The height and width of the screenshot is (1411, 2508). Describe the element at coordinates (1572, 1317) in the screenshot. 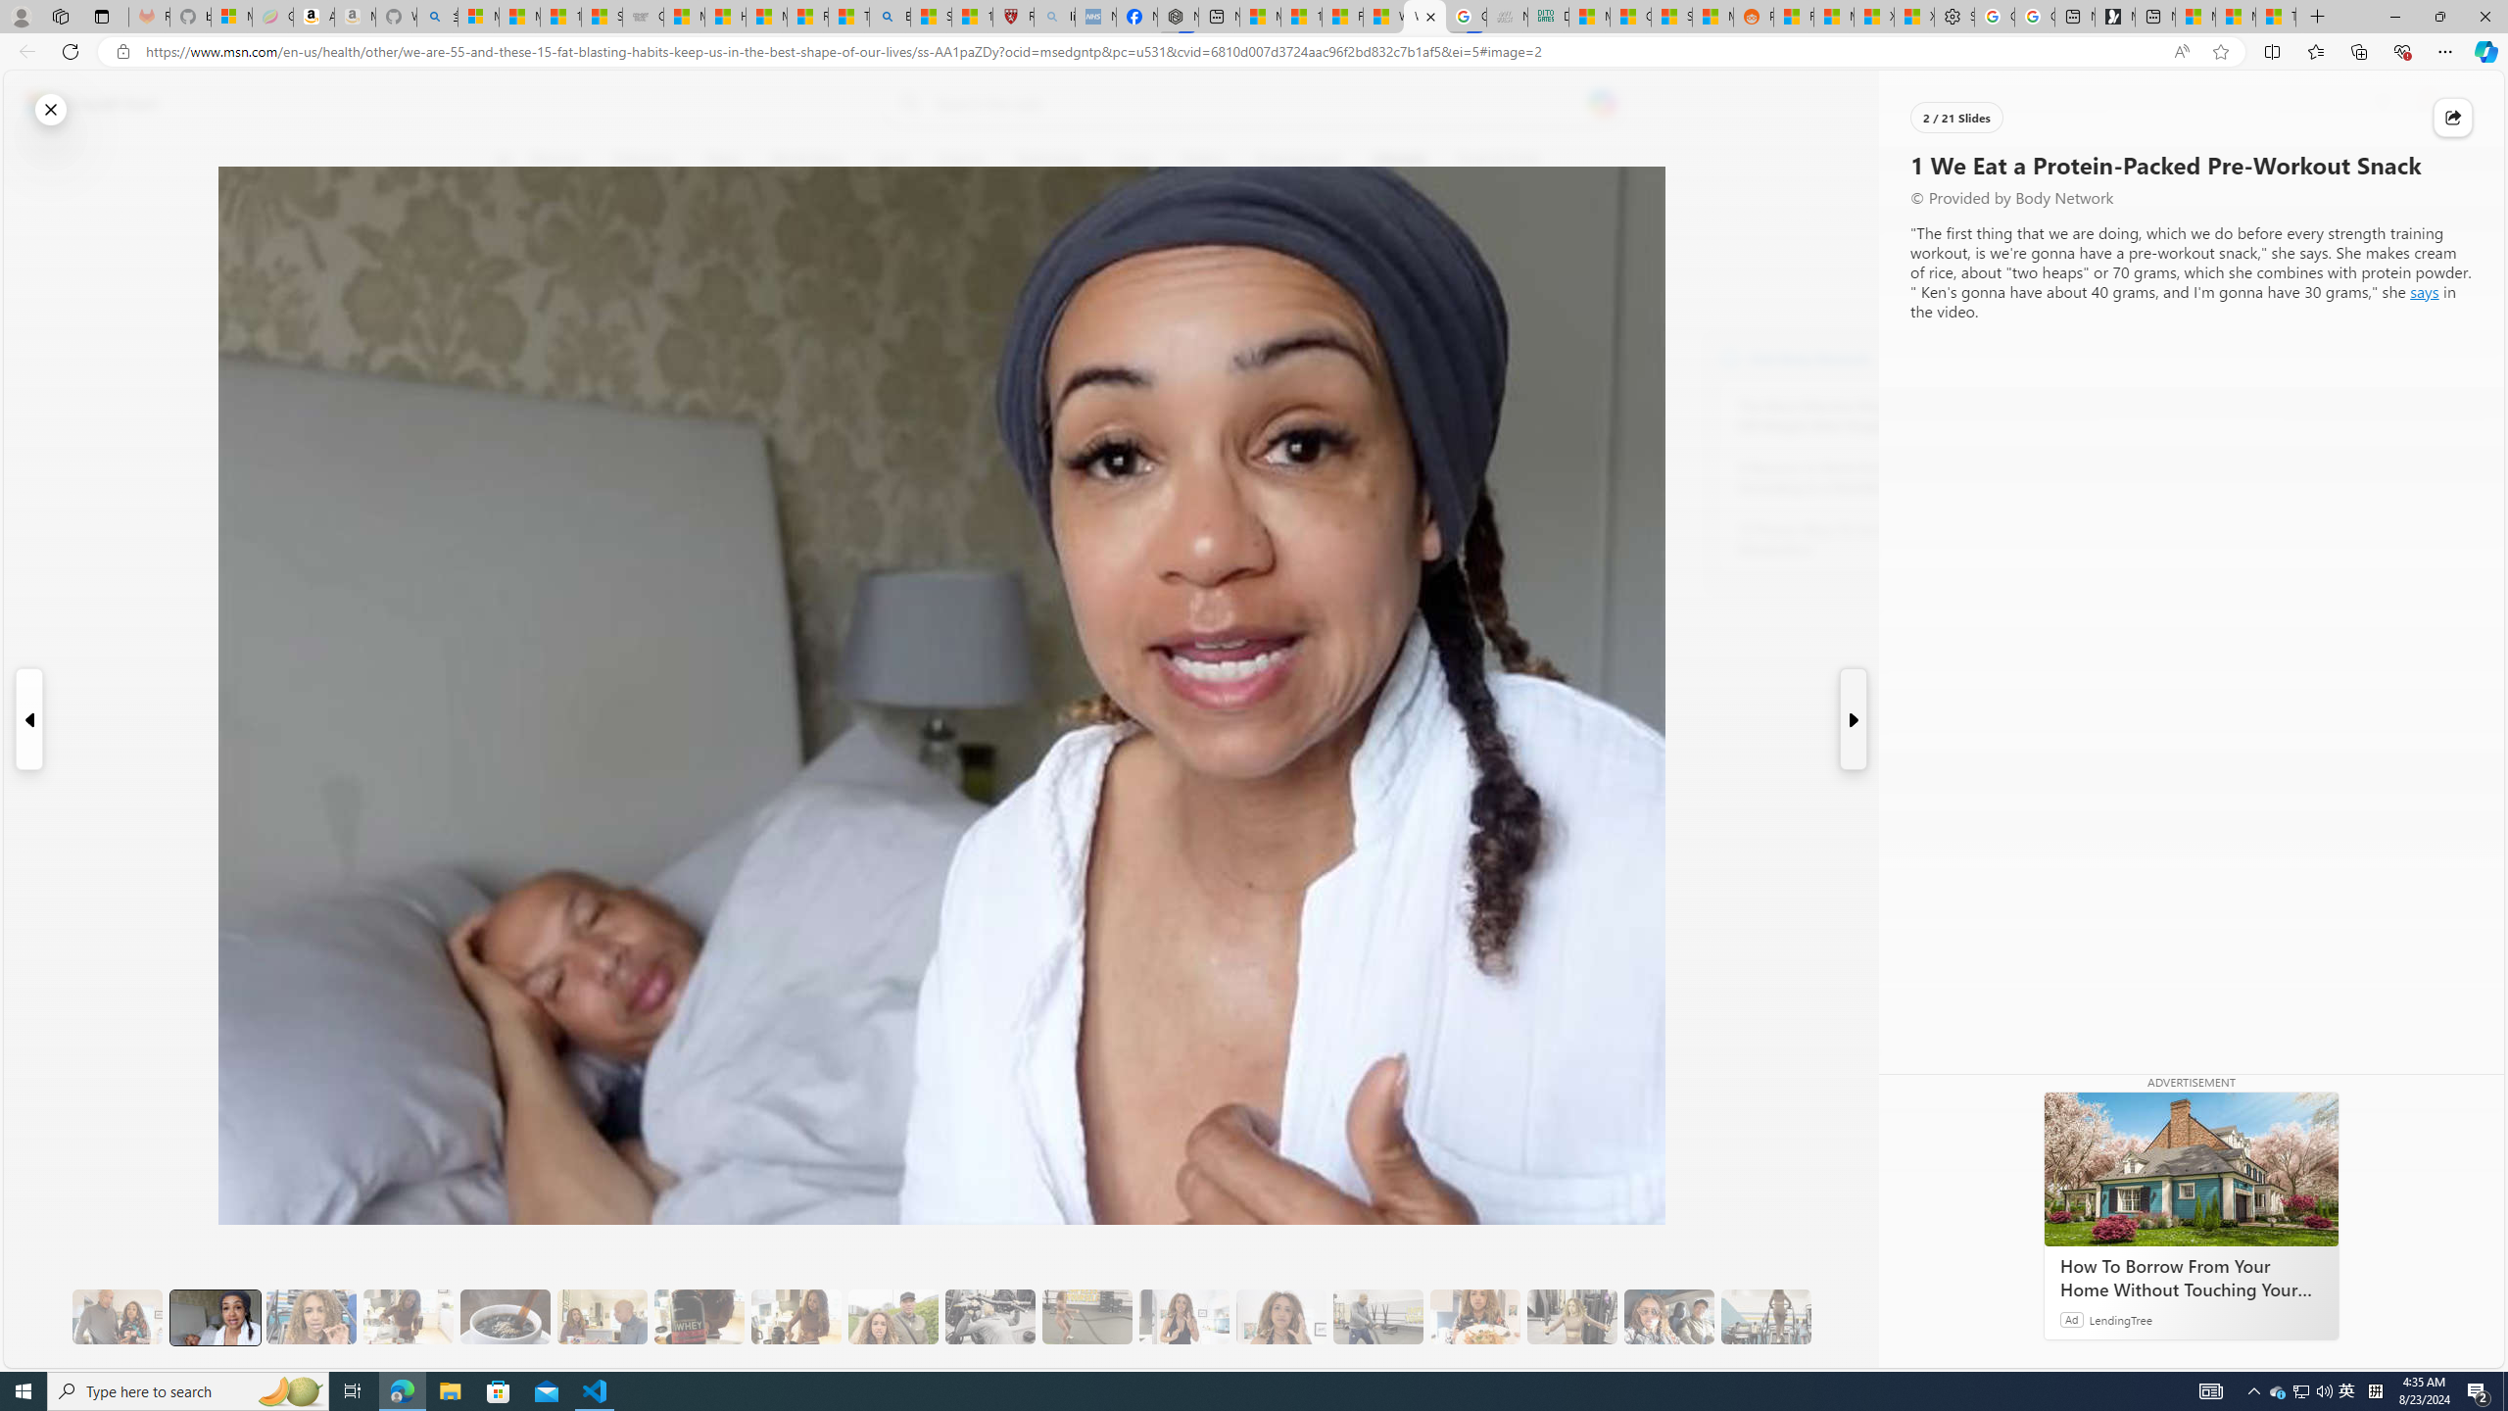

I see `'15 They Also Indulge in a Low-Calorie Sweet Treat'` at that location.